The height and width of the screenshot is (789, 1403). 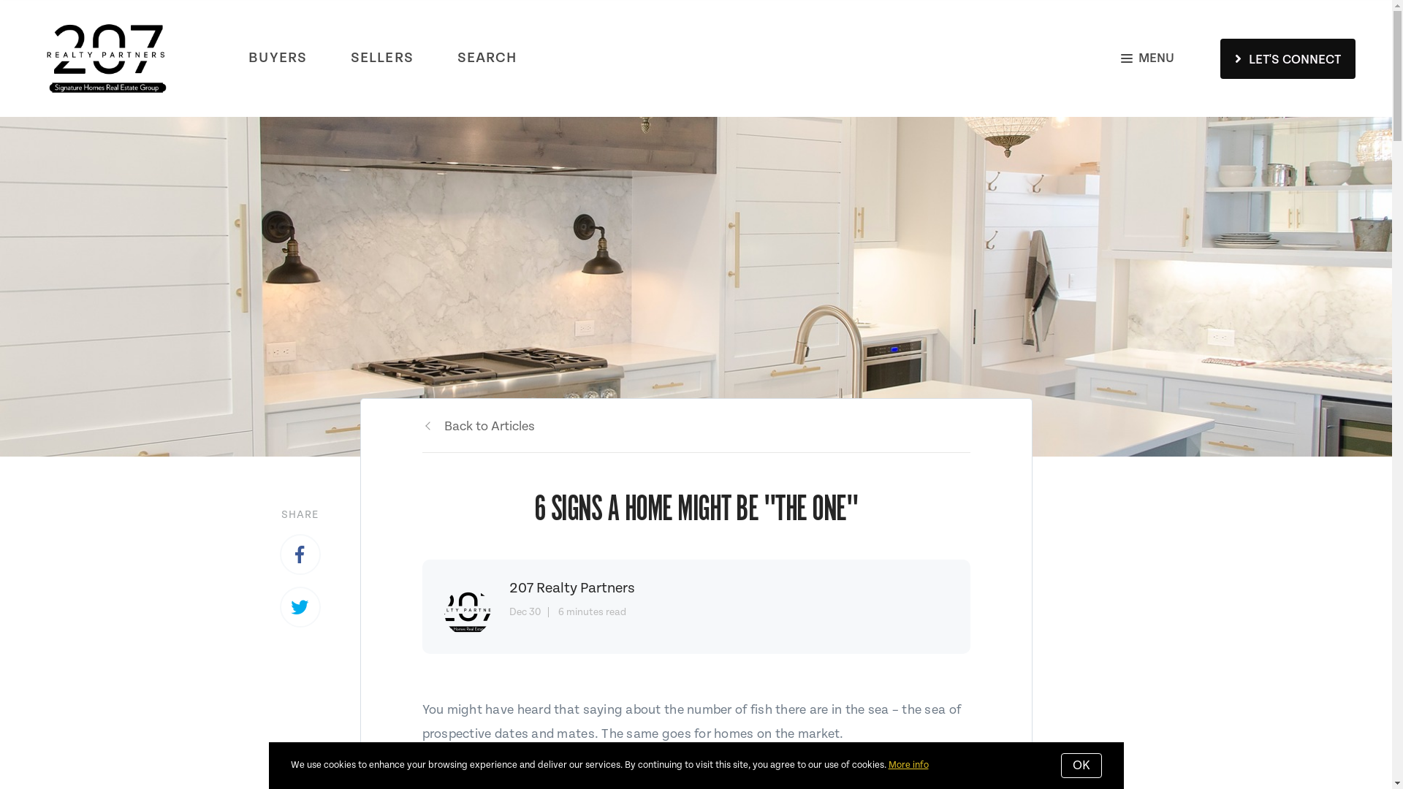 What do you see at coordinates (908, 764) in the screenshot?
I see `'More info'` at bounding box center [908, 764].